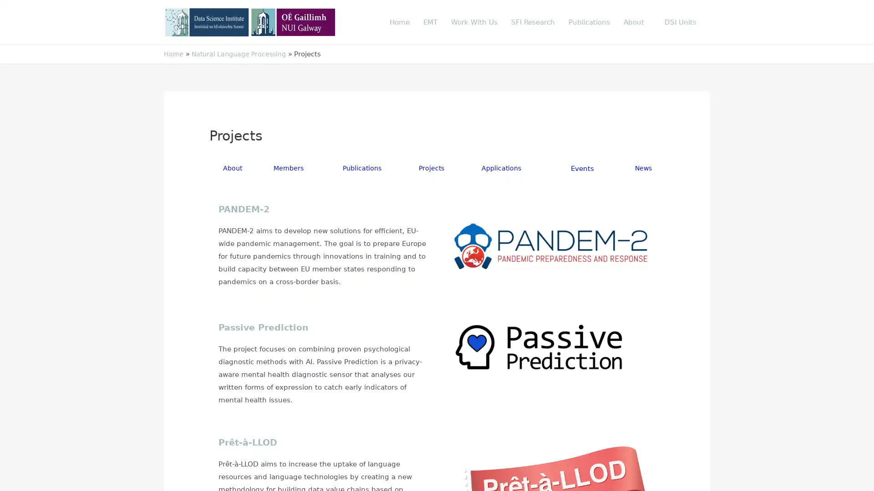 The height and width of the screenshot is (491, 874). I want to click on Events, so click(583, 168).